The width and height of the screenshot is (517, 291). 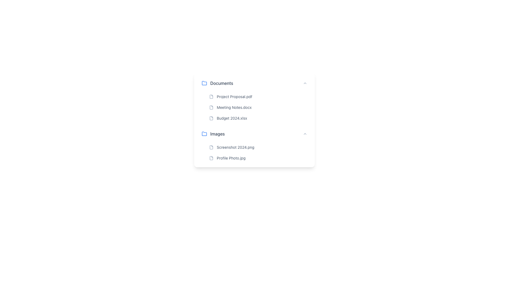 I want to click on the file entry named 'Screenshot 2024.png', so click(x=254, y=145).